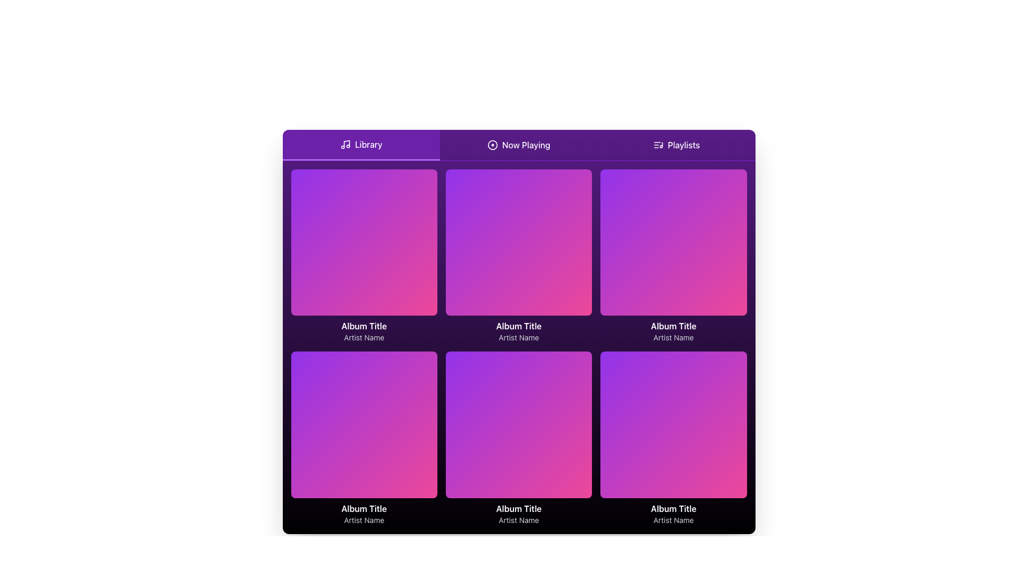 The width and height of the screenshot is (1013, 570). I want to click on the circular playback icon associated with the 'Now Playing' navigation option, located at the center of the top bar of the interface, so click(492, 145).